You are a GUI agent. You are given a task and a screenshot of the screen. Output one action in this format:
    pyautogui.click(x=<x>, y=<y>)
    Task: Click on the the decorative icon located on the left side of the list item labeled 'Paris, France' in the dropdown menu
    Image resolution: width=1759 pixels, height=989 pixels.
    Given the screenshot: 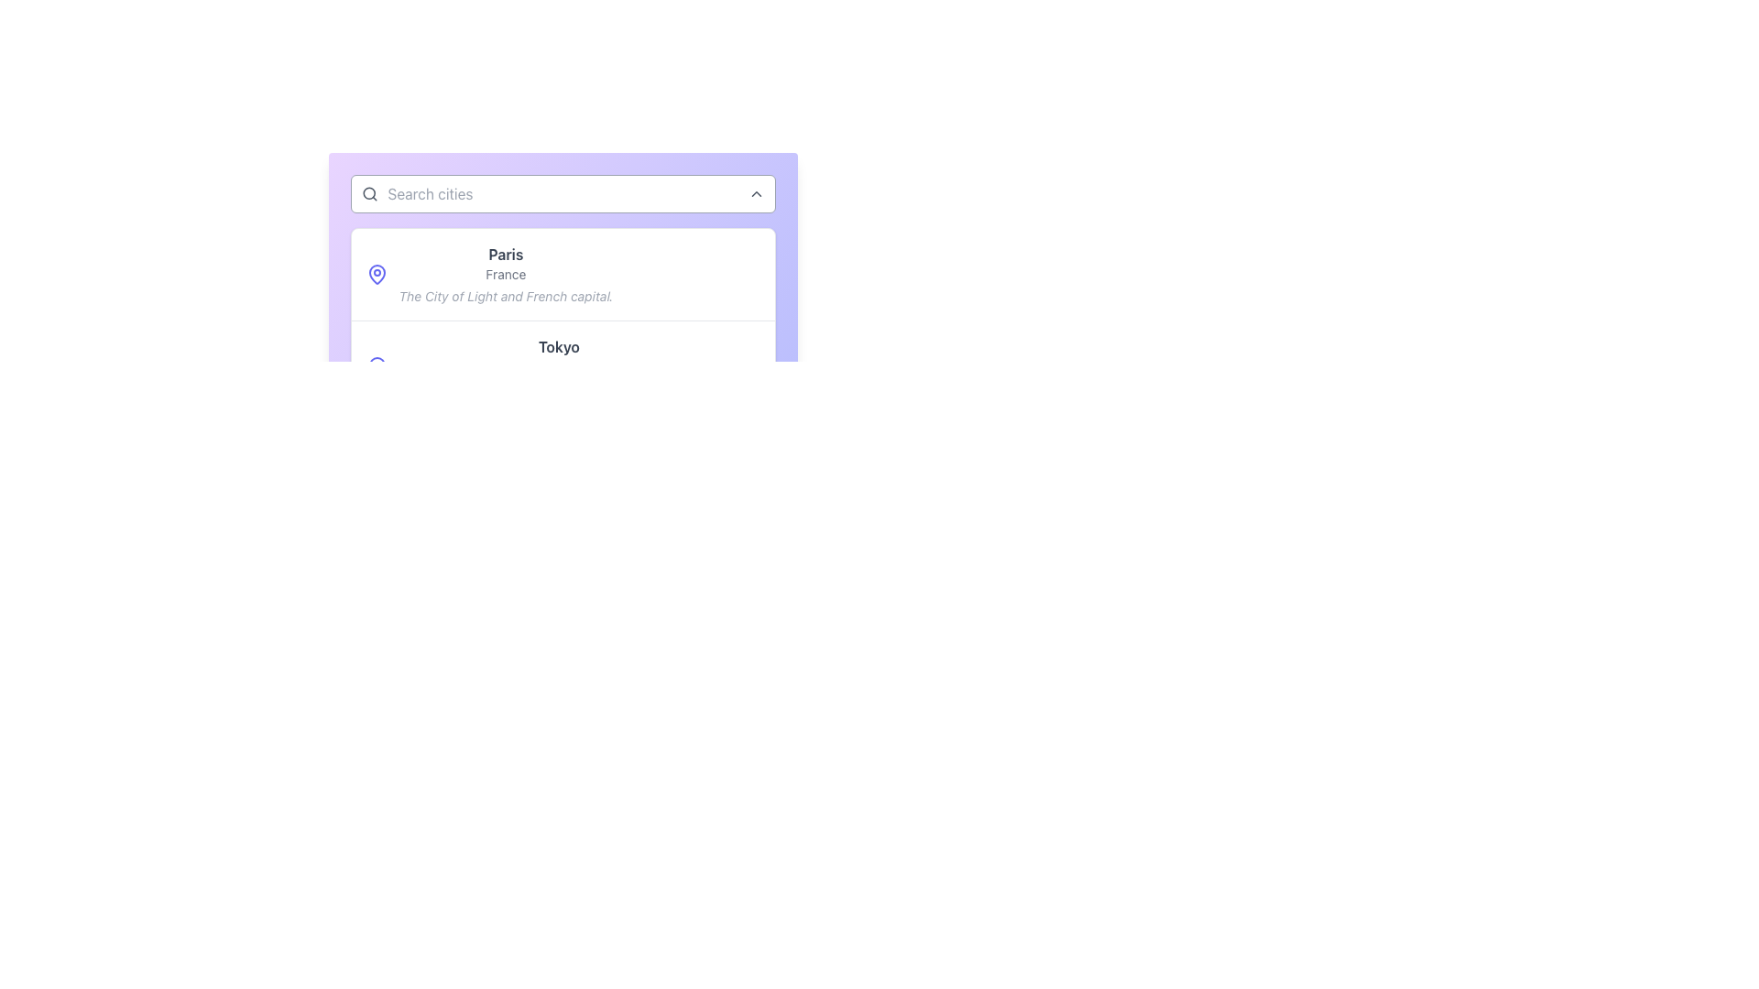 What is the action you would take?
    pyautogui.click(x=376, y=275)
    